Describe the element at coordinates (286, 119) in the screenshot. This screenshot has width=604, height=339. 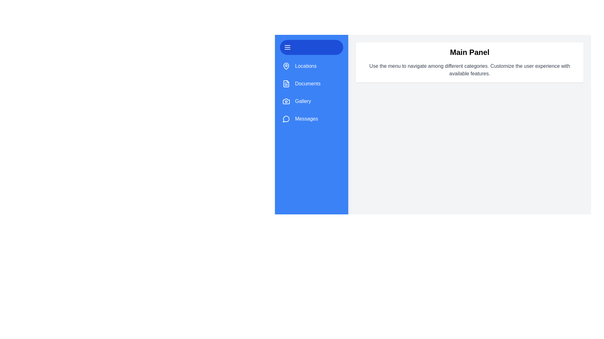
I see `the icon for the category Messages to inspect it` at that location.